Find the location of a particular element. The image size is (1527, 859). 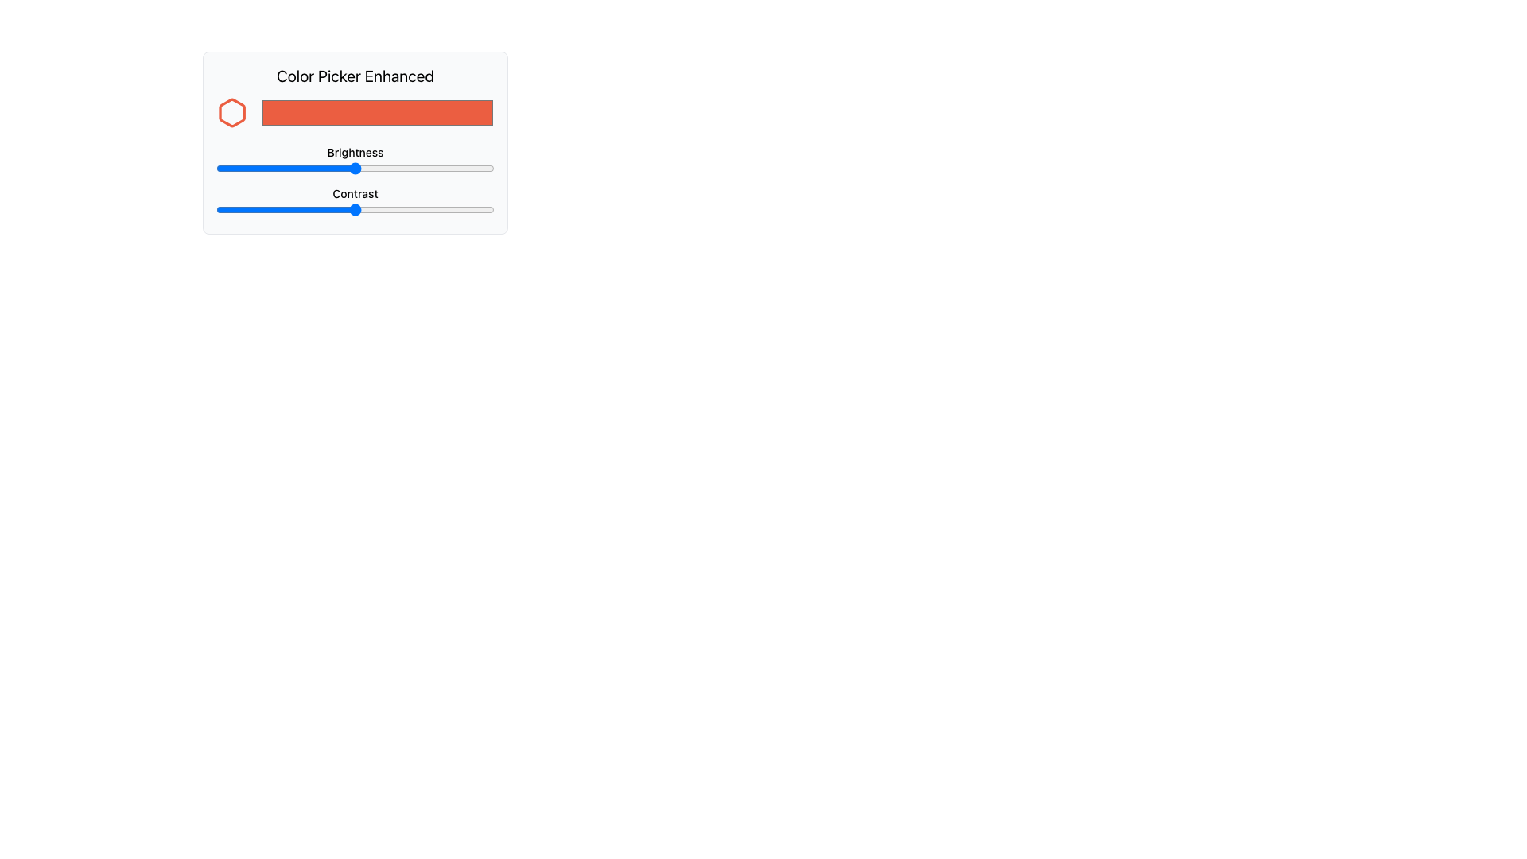

brightness is located at coordinates (436, 169).